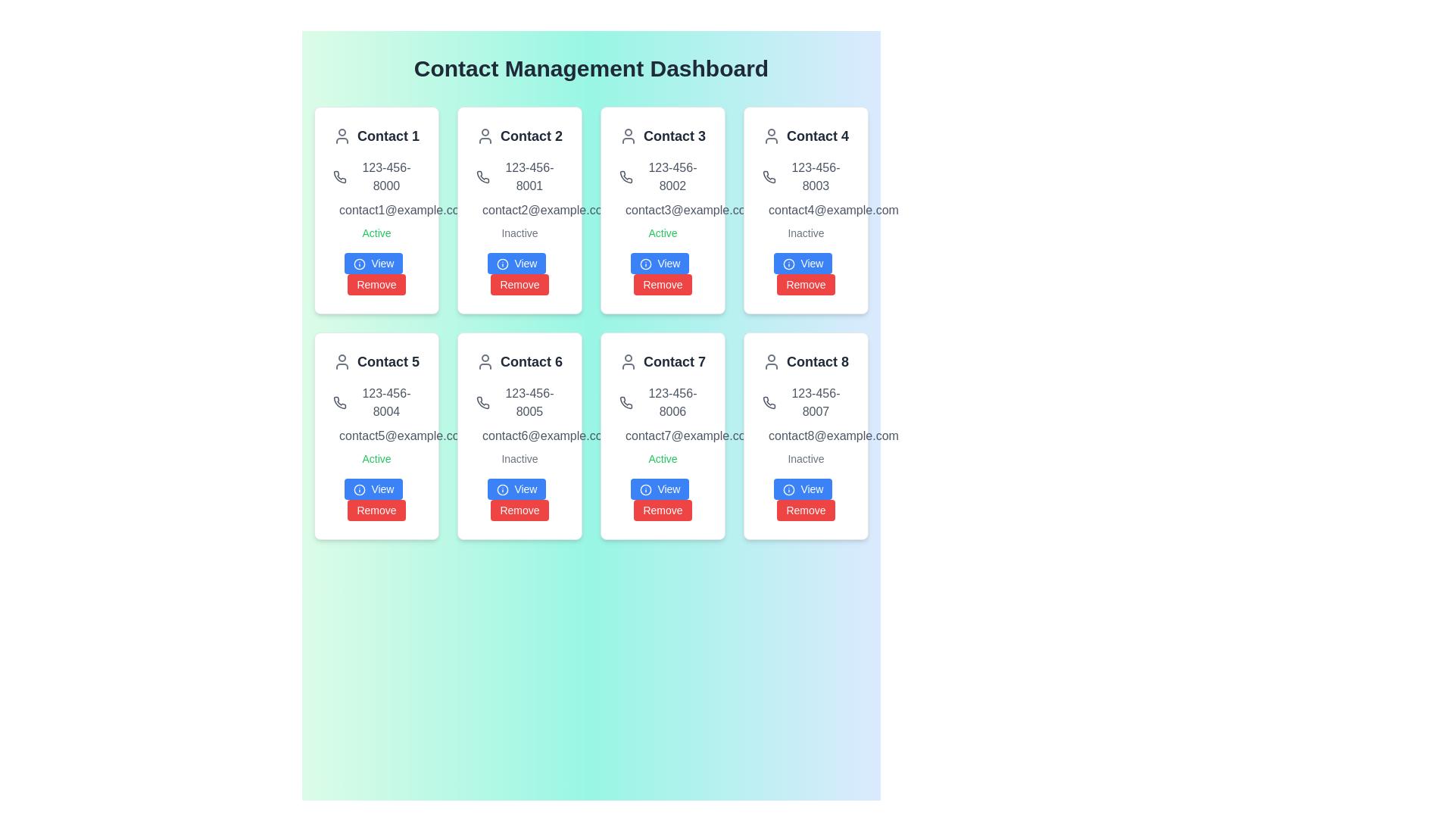  I want to click on the black and white telephone icon located in the 'Contact 6' card, which is adjacent to the phone number '123-456-8005', so click(482, 402).